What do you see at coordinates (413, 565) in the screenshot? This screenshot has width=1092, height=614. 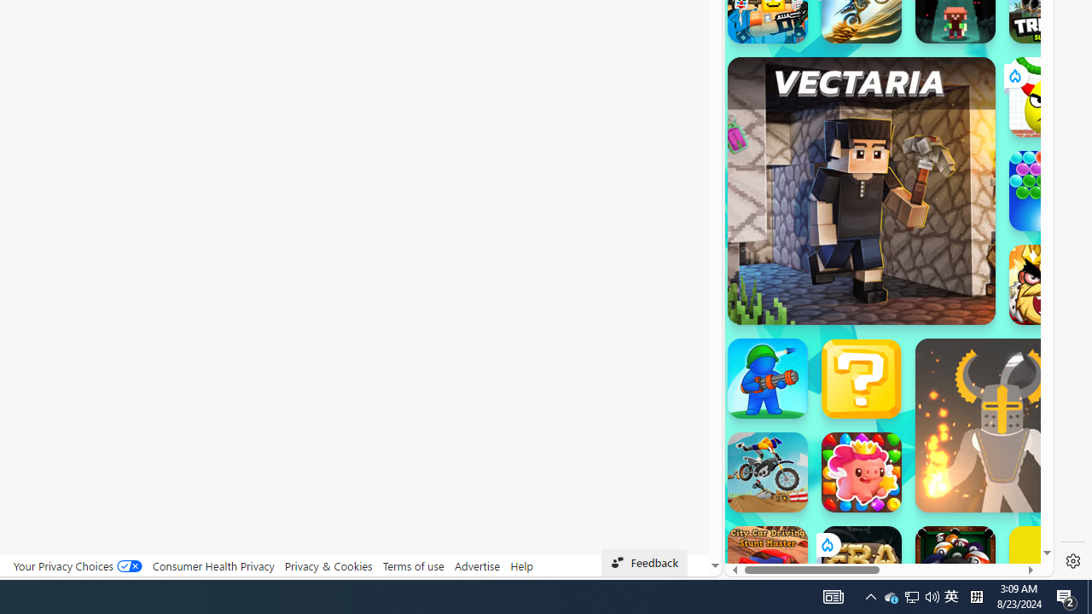 I see `'Terms of use'` at bounding box center [413, 565].